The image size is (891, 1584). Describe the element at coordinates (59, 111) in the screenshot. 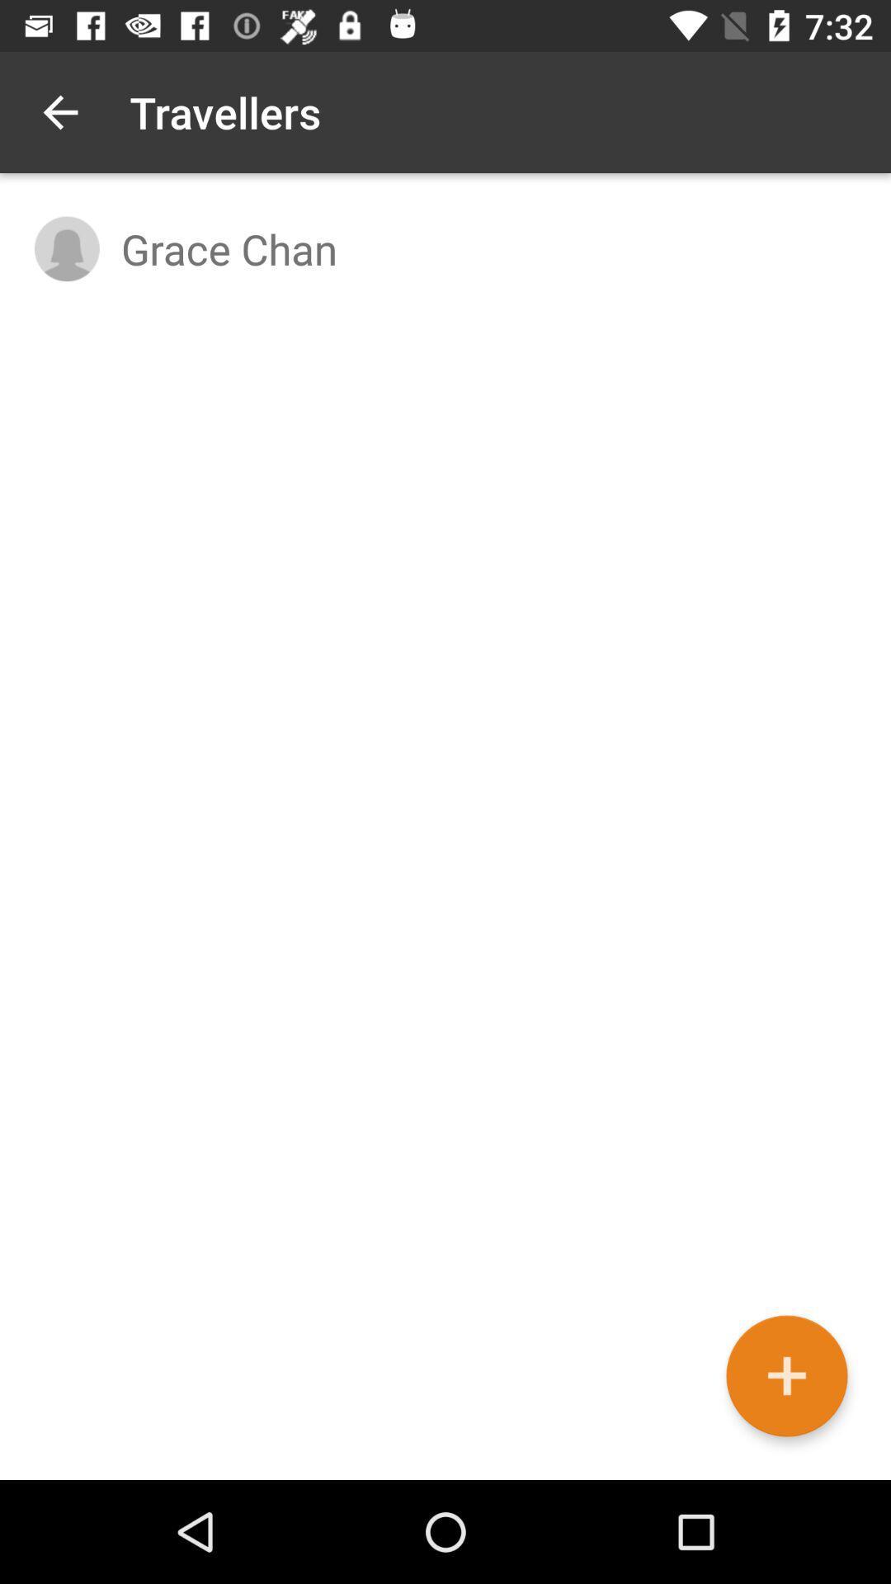

I see `the icon next to the travellers item` at that location.